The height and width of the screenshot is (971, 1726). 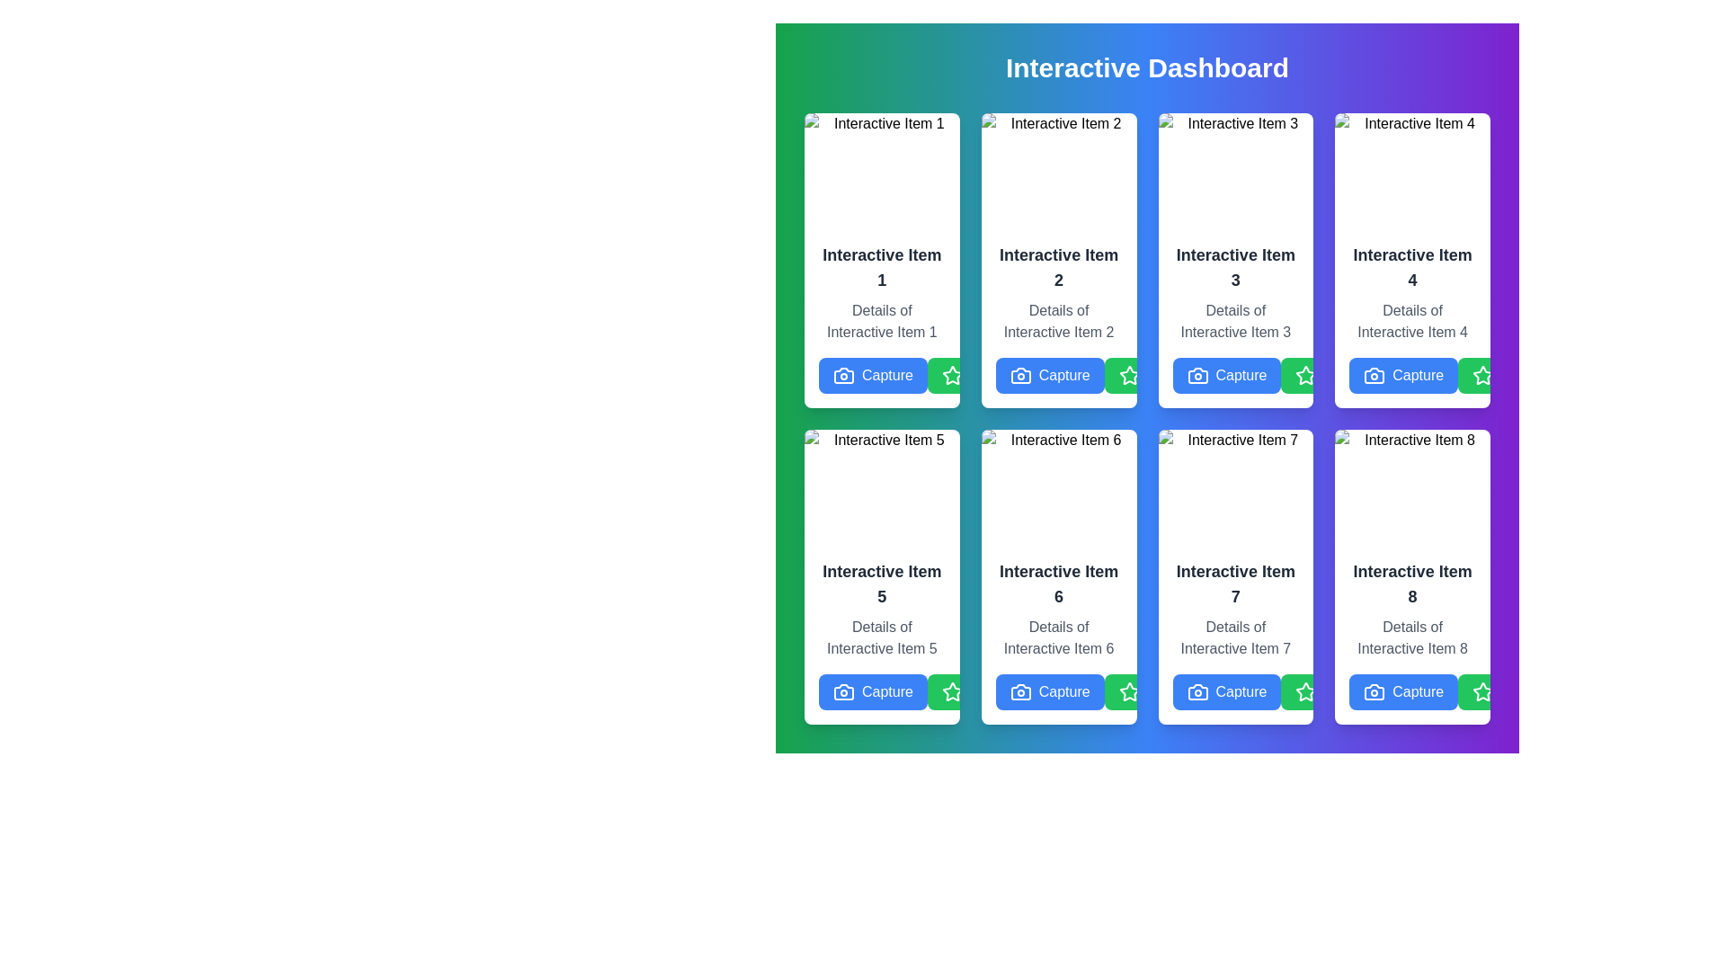 What do you see at coordinates (1411, 637) in the screenshot?
I see `the static text element that provides descriptive details about 'Interactive Item 8', located below its header and above the action buttons` at bounding box center [1411, 637].